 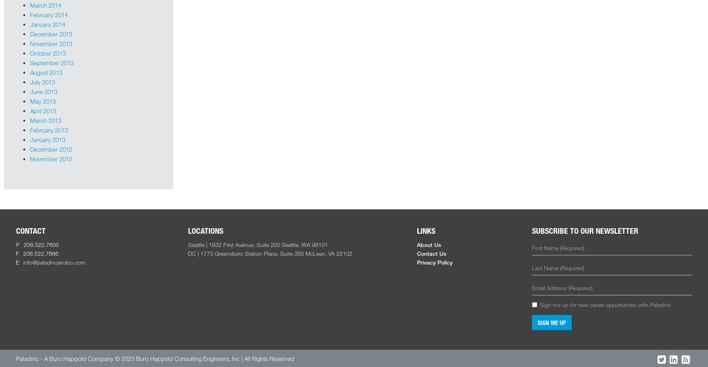 What do you see at coordinates (49, 129) in the screenshot?
I see `'February 2013'` at bounding box center [49, 129].